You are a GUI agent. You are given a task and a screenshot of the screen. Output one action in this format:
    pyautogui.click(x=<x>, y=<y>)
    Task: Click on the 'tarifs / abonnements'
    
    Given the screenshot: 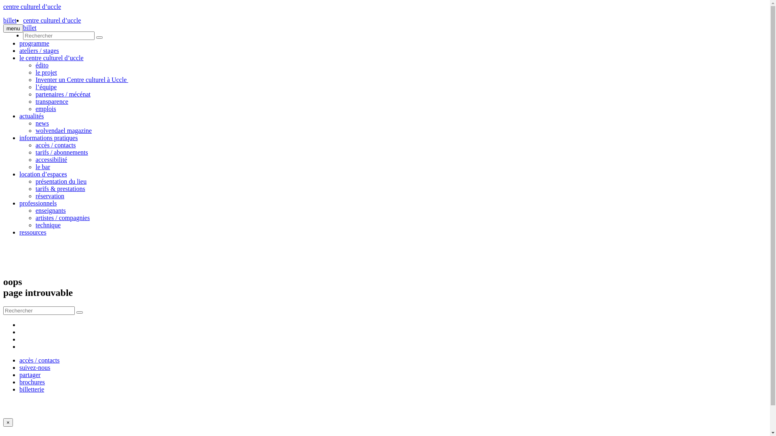 What is the action you would take?
    pyautogui.click(x=61, y=152)
    